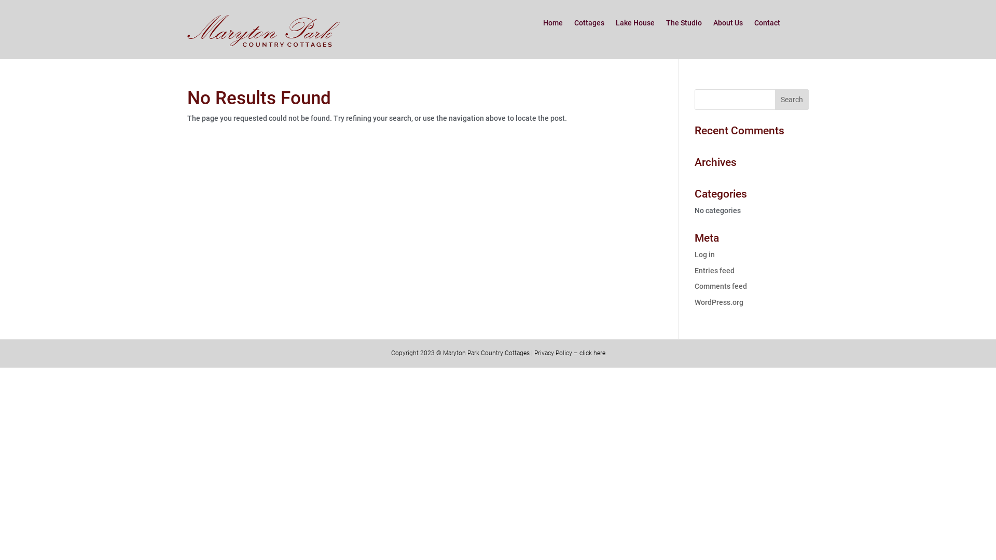 The image size is (996, 560). I want to click on 'Log in', so click(695, 254).